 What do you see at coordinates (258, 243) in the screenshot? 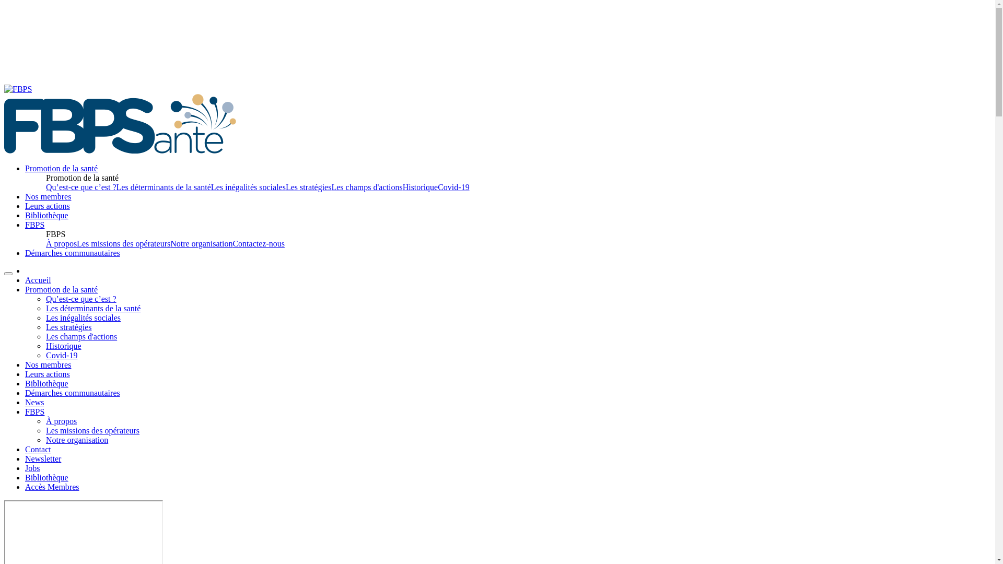
I see `'Contactez-nous'` at bounding box center [258, 243].